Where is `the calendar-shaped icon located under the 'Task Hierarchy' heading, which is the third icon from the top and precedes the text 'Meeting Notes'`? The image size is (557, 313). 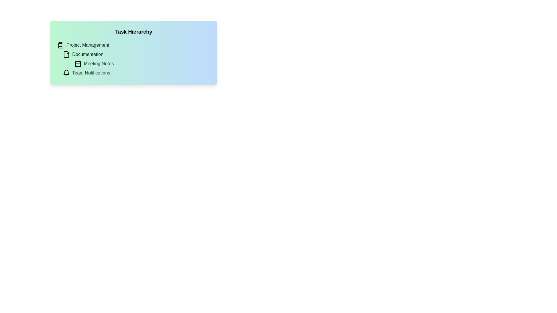 the calendar-shaped icon located under the 'Task Hierarchy' heading, which is the third icon from the top and precedes the text 'Meeting Notes' is located at coordinates (77, 63).